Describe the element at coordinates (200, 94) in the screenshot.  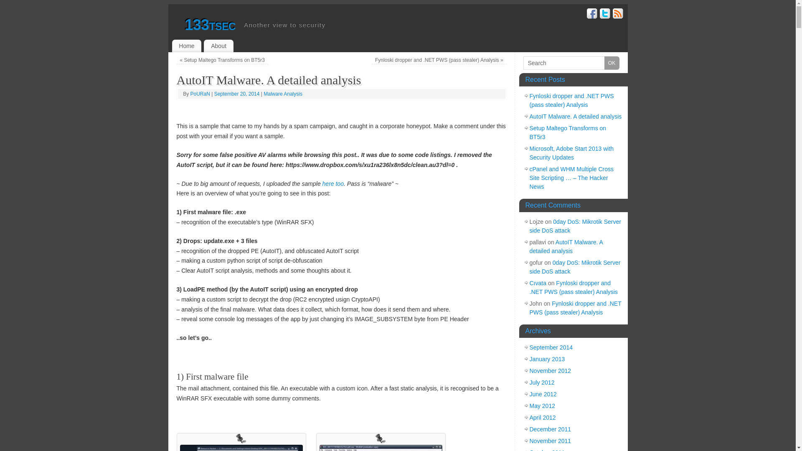
I see `'PoURaN'` at that location.